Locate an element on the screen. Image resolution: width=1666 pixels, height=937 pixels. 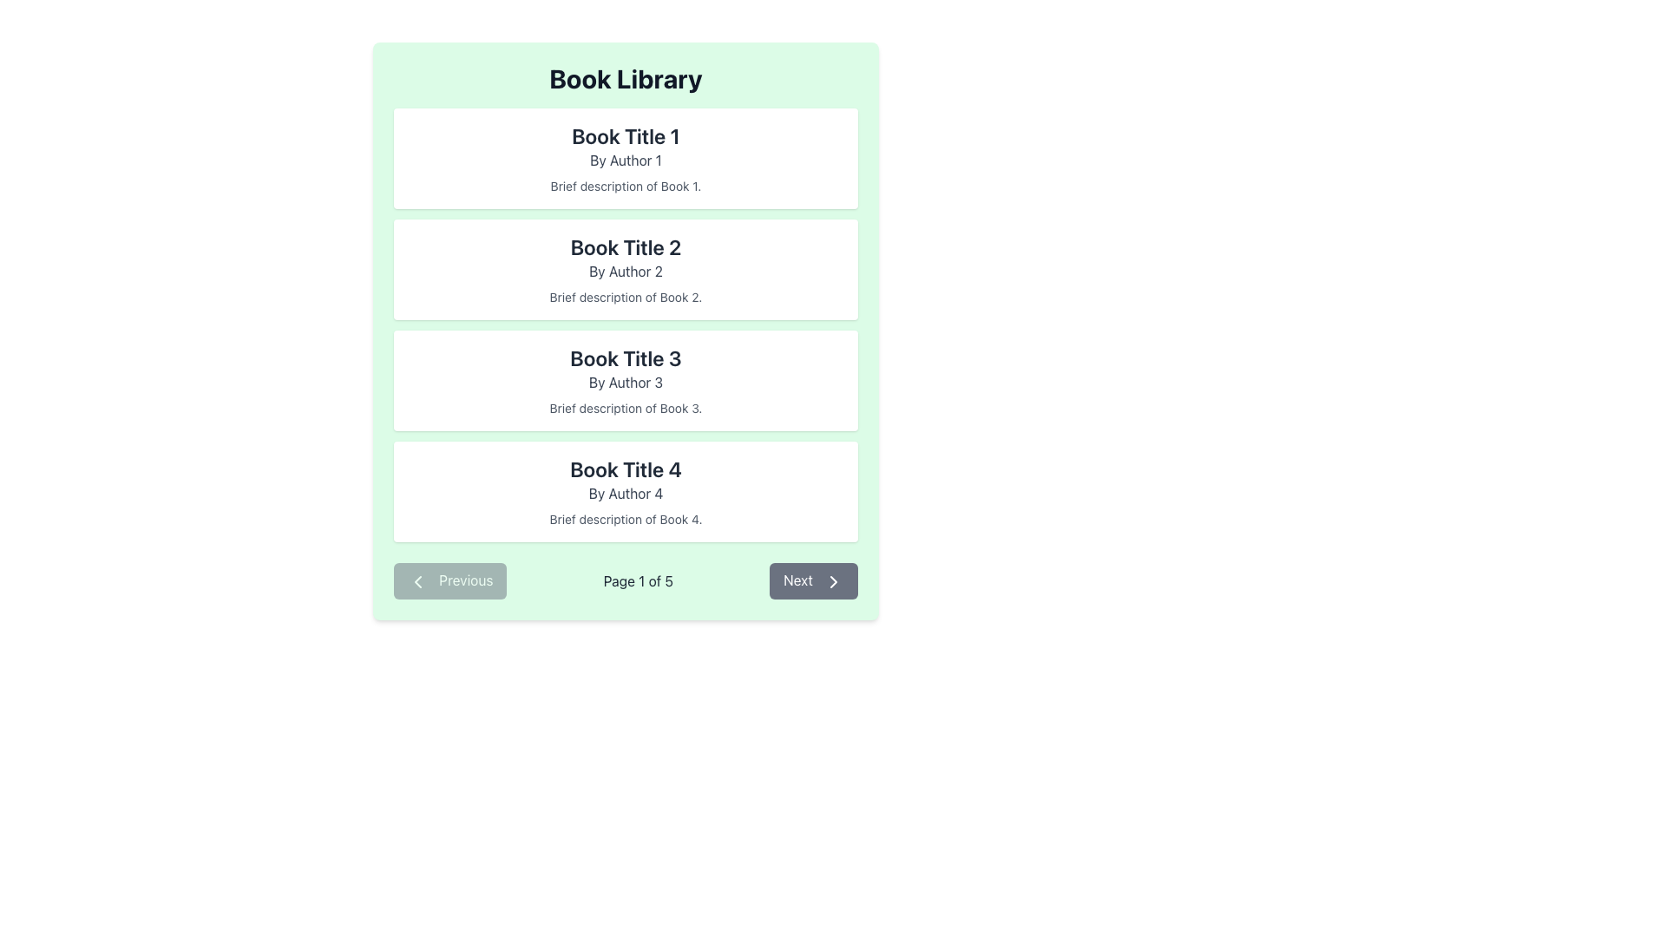
the text label that serves as the title of the first book entry in a vertical list of books, positioned above 'By Author 1' and 'Brief description of Book 1.' is located at coordinates (625, 135).